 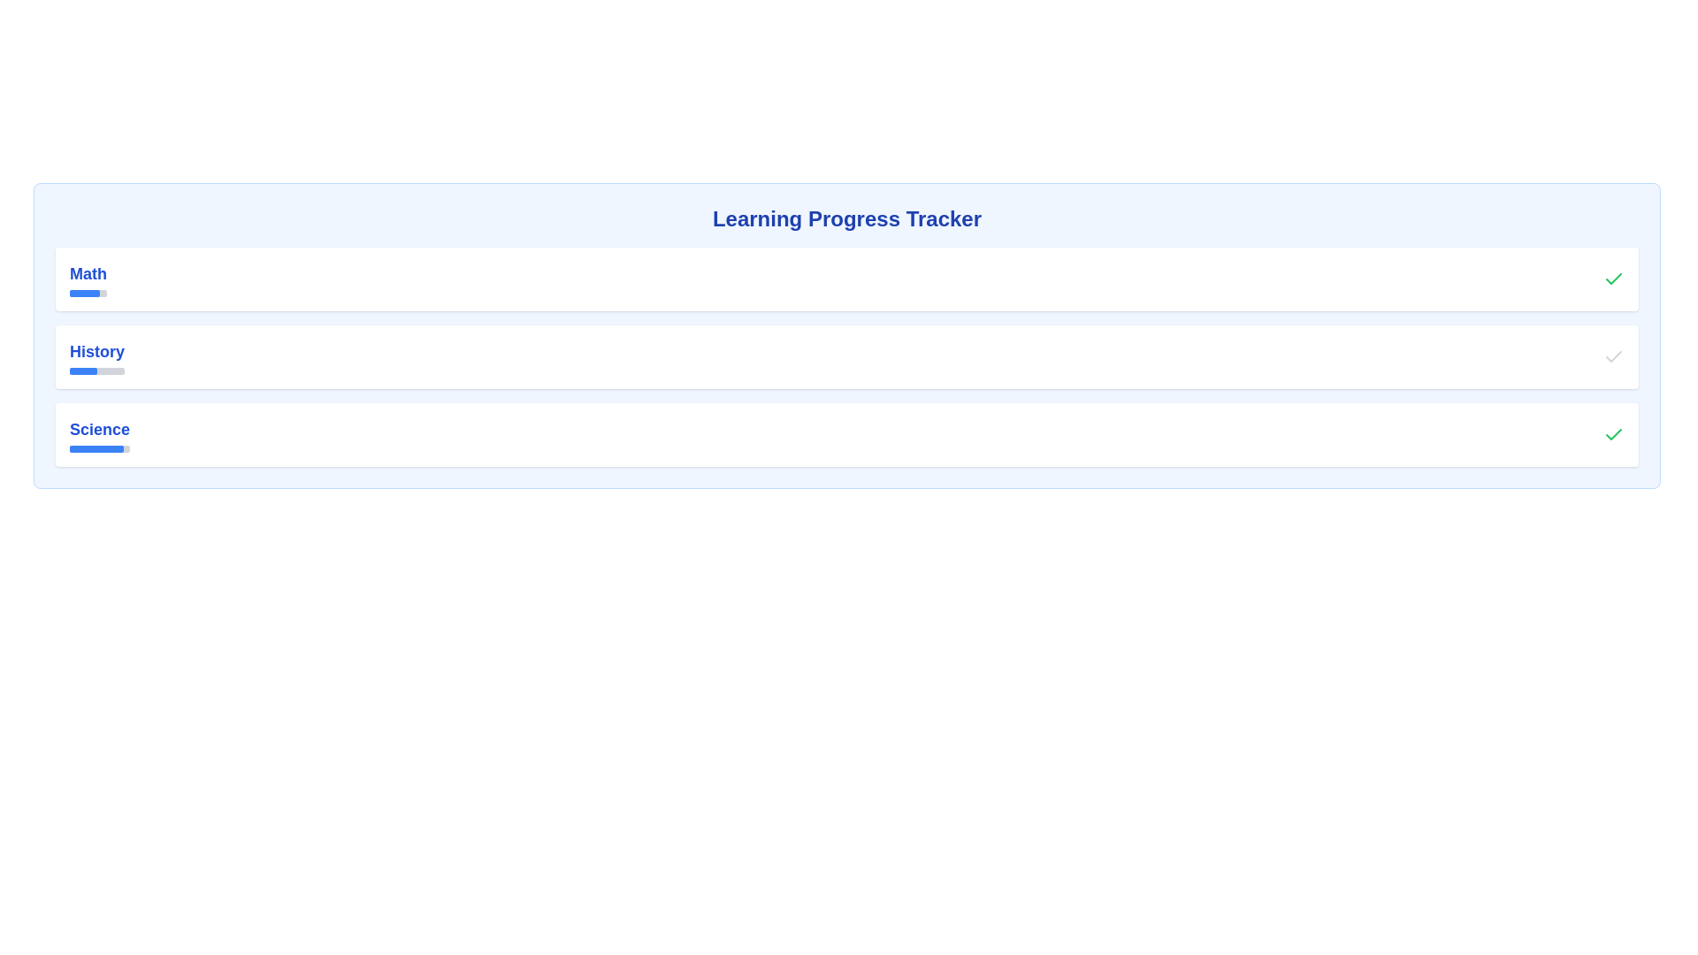 What do you see at coordinates (88, 279) in the screenshot?
I see `the 'Math' section text label` at bounding box center [88, 279].